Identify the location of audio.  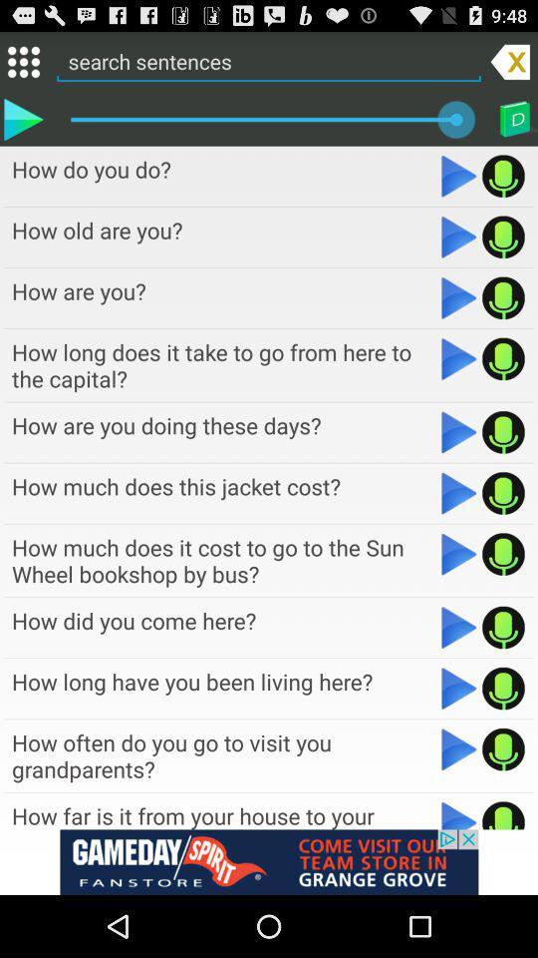
(459, 296).